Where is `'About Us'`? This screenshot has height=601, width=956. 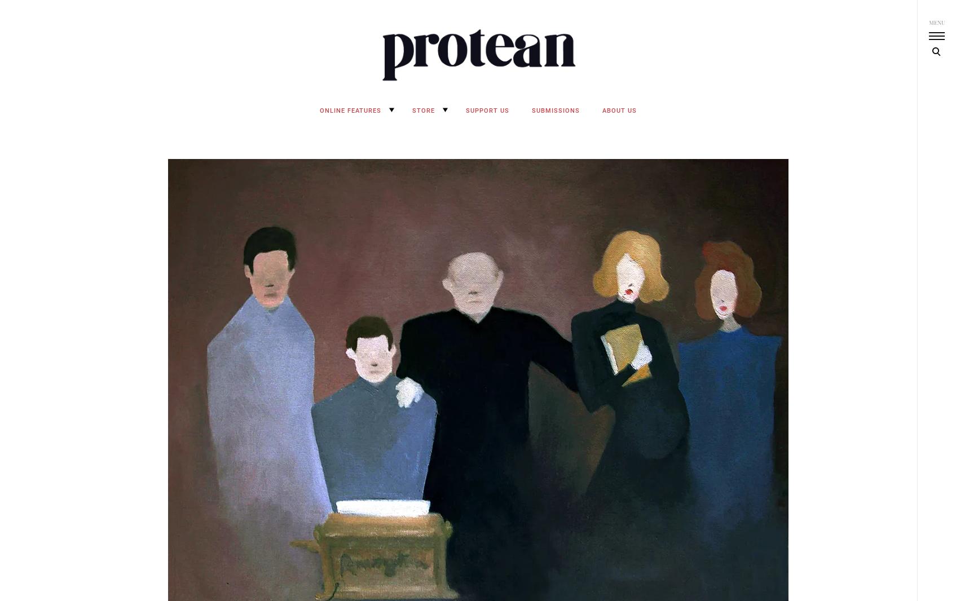
'About Us' is located at coordinates (619, 110).